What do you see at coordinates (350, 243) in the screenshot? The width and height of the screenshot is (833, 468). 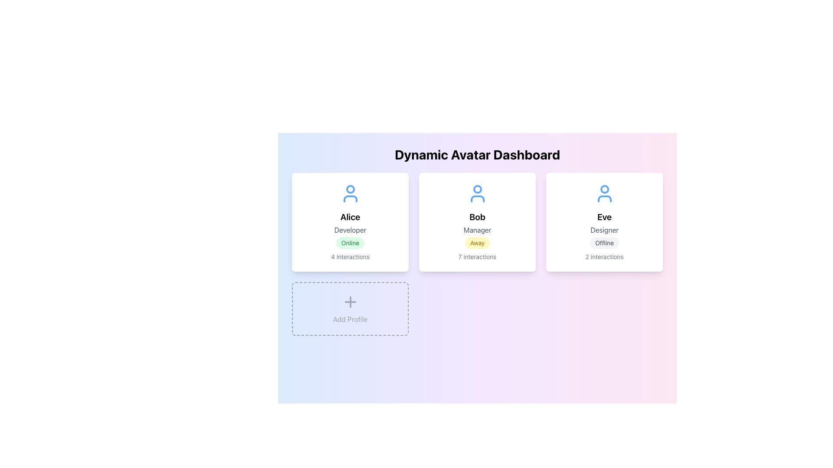 I see `status text from the pill-shaped Status Indicator labeled 'Online' with a green background, located within the card layout for 'Alice', positioned below 'Developer' and above '4 interactions'` at bounding box center [350, 243].